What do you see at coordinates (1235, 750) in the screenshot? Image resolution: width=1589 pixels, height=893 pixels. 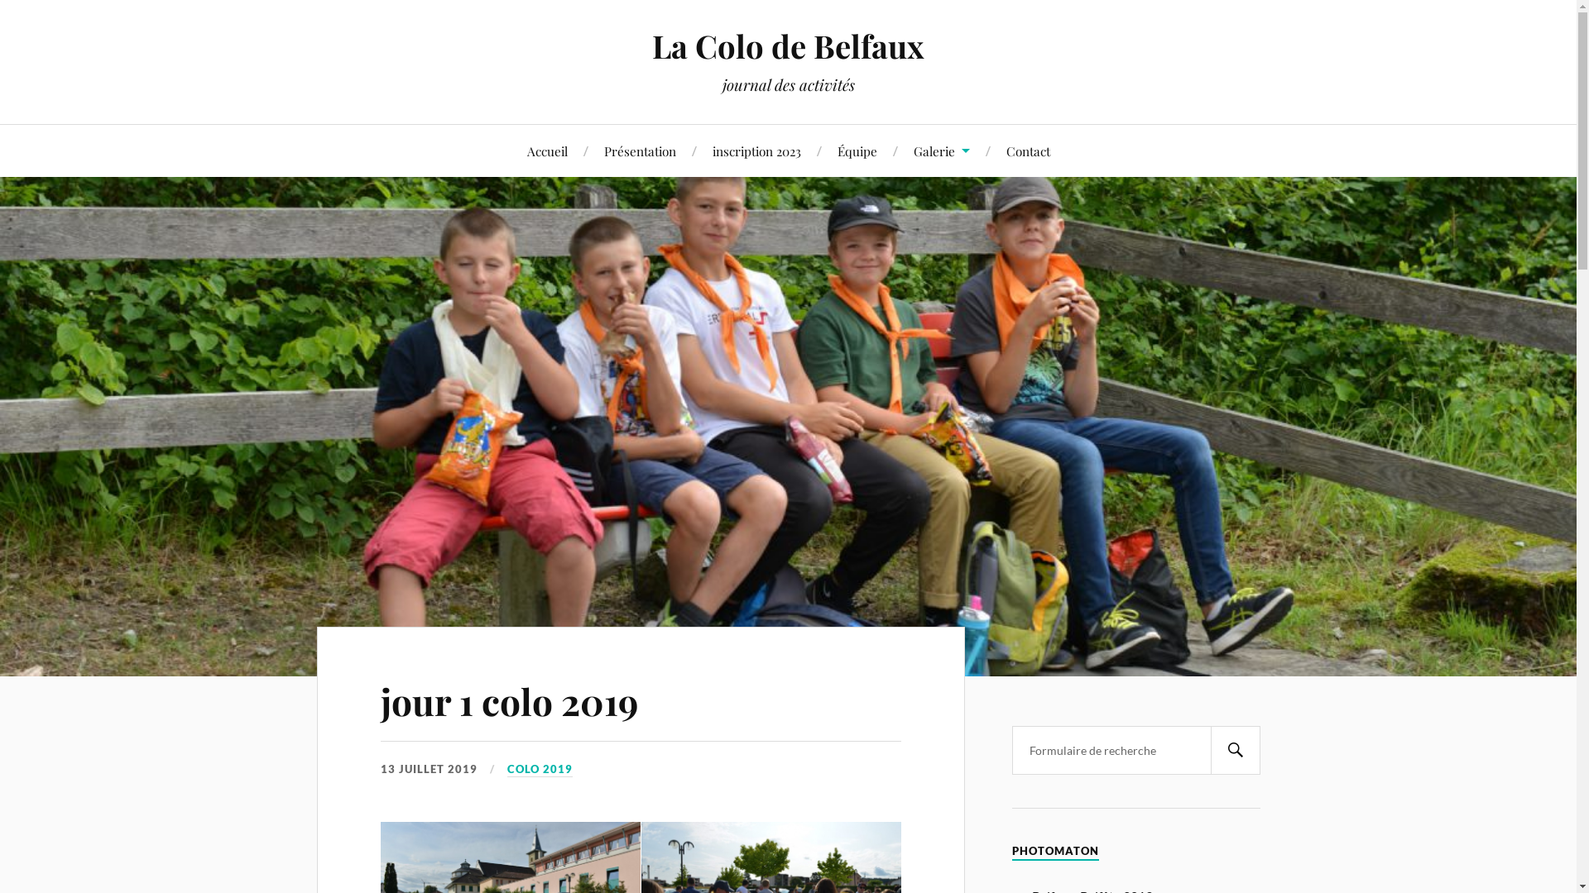 I see `'Search'` at bounding box center [1235, 750].